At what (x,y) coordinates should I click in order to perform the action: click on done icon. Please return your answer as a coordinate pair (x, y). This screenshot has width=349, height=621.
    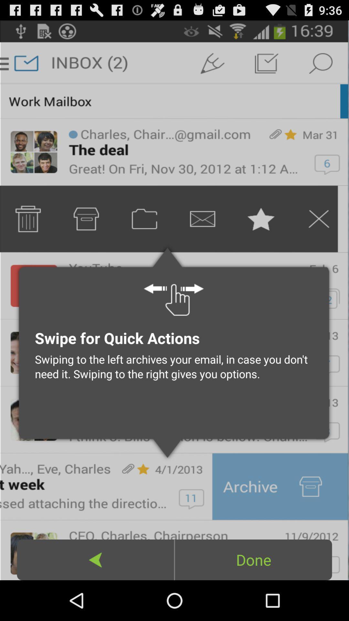
    Looking at the image, I should click on (253, 560).